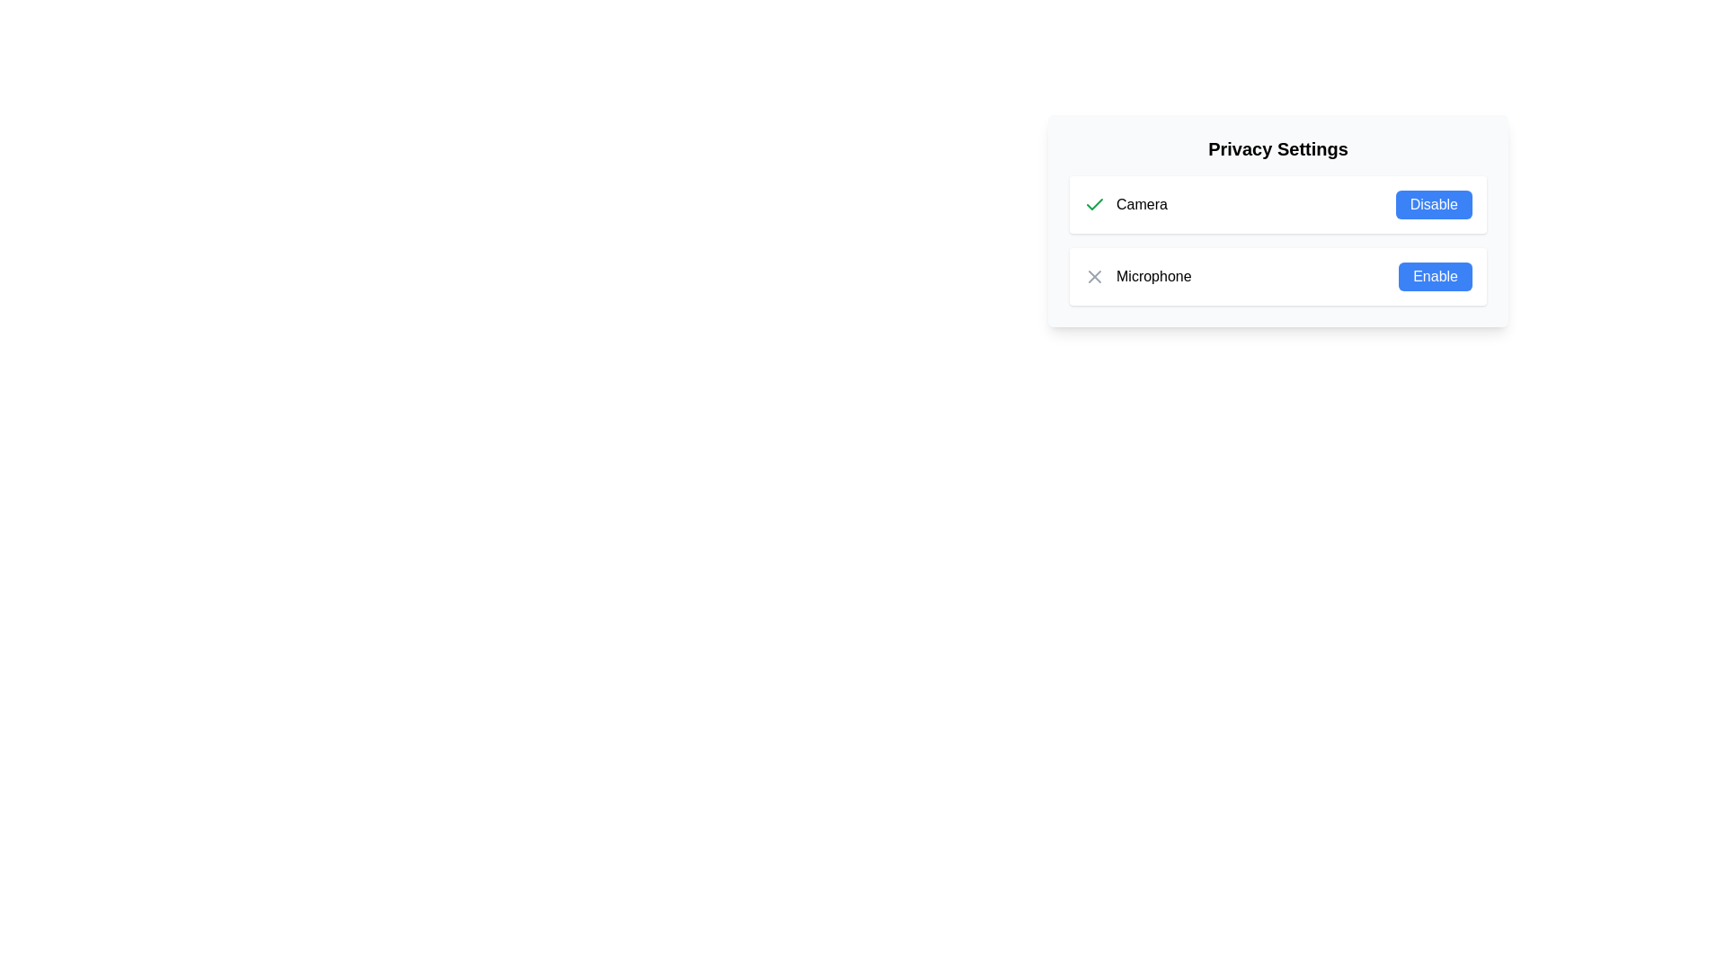 The width and height of the screenshot is (1726, 971). What do you see at coordinates (1136, 277) in the screenshot?
I see `the privacy settings label for microphone permissions, located as the second item in the list under 'Privacy Settings', left of the 'Enable' button` at bounding box center [1136, 277].